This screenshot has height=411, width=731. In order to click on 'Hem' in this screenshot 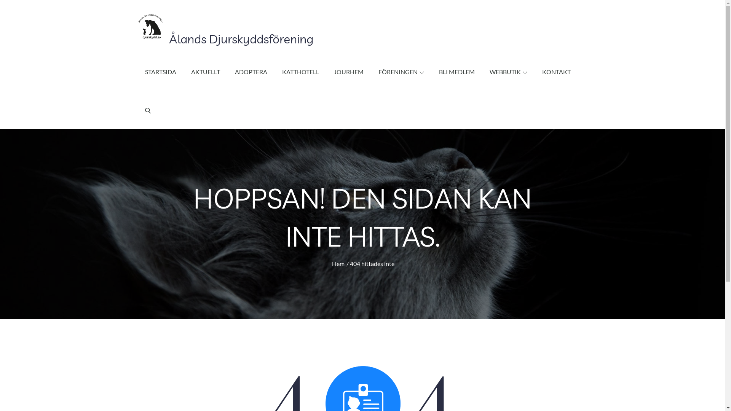, I will do `click(338, 263)`.